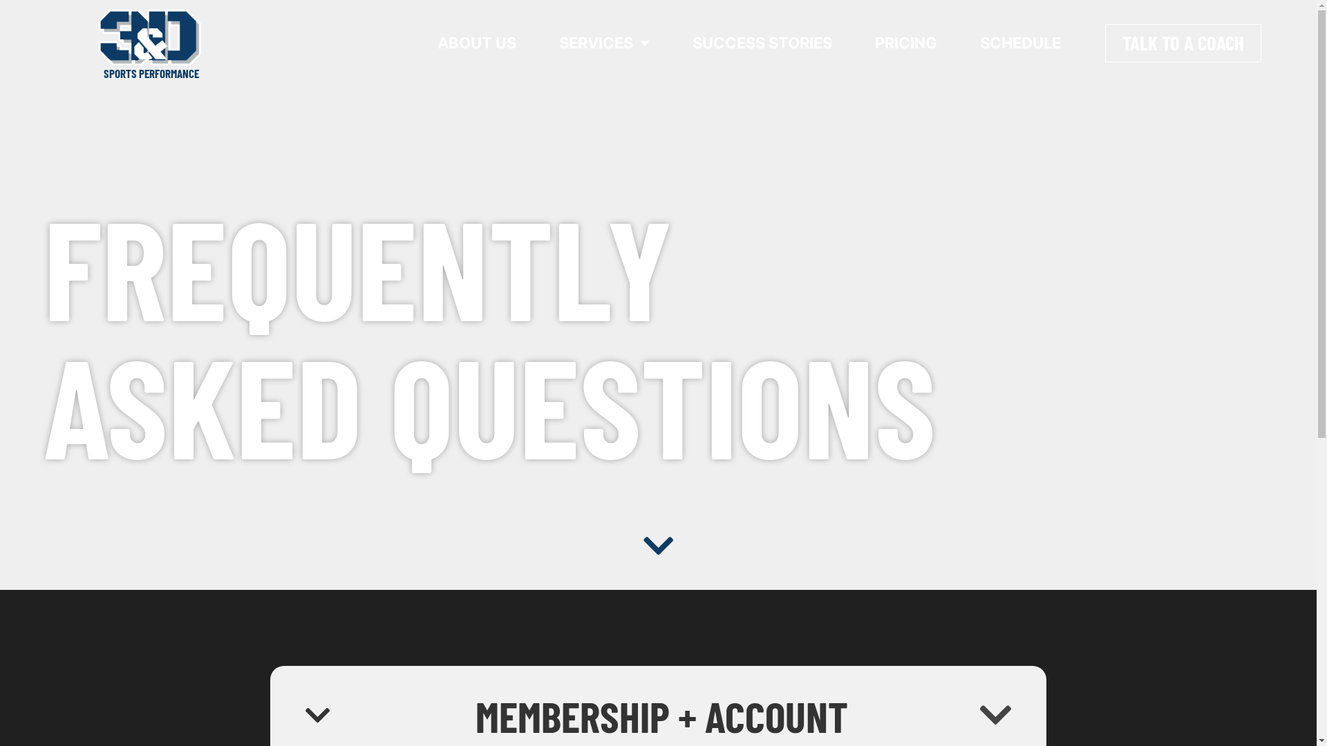 The height and width of the screenshot is (746, 1327). I want to click on 'SCHEDULE', so click(1020, 41).